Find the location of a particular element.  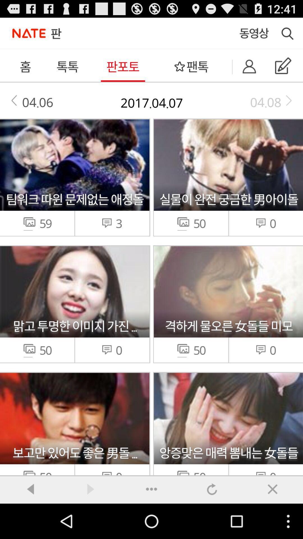

cancel is located at coordinates (272, 489).